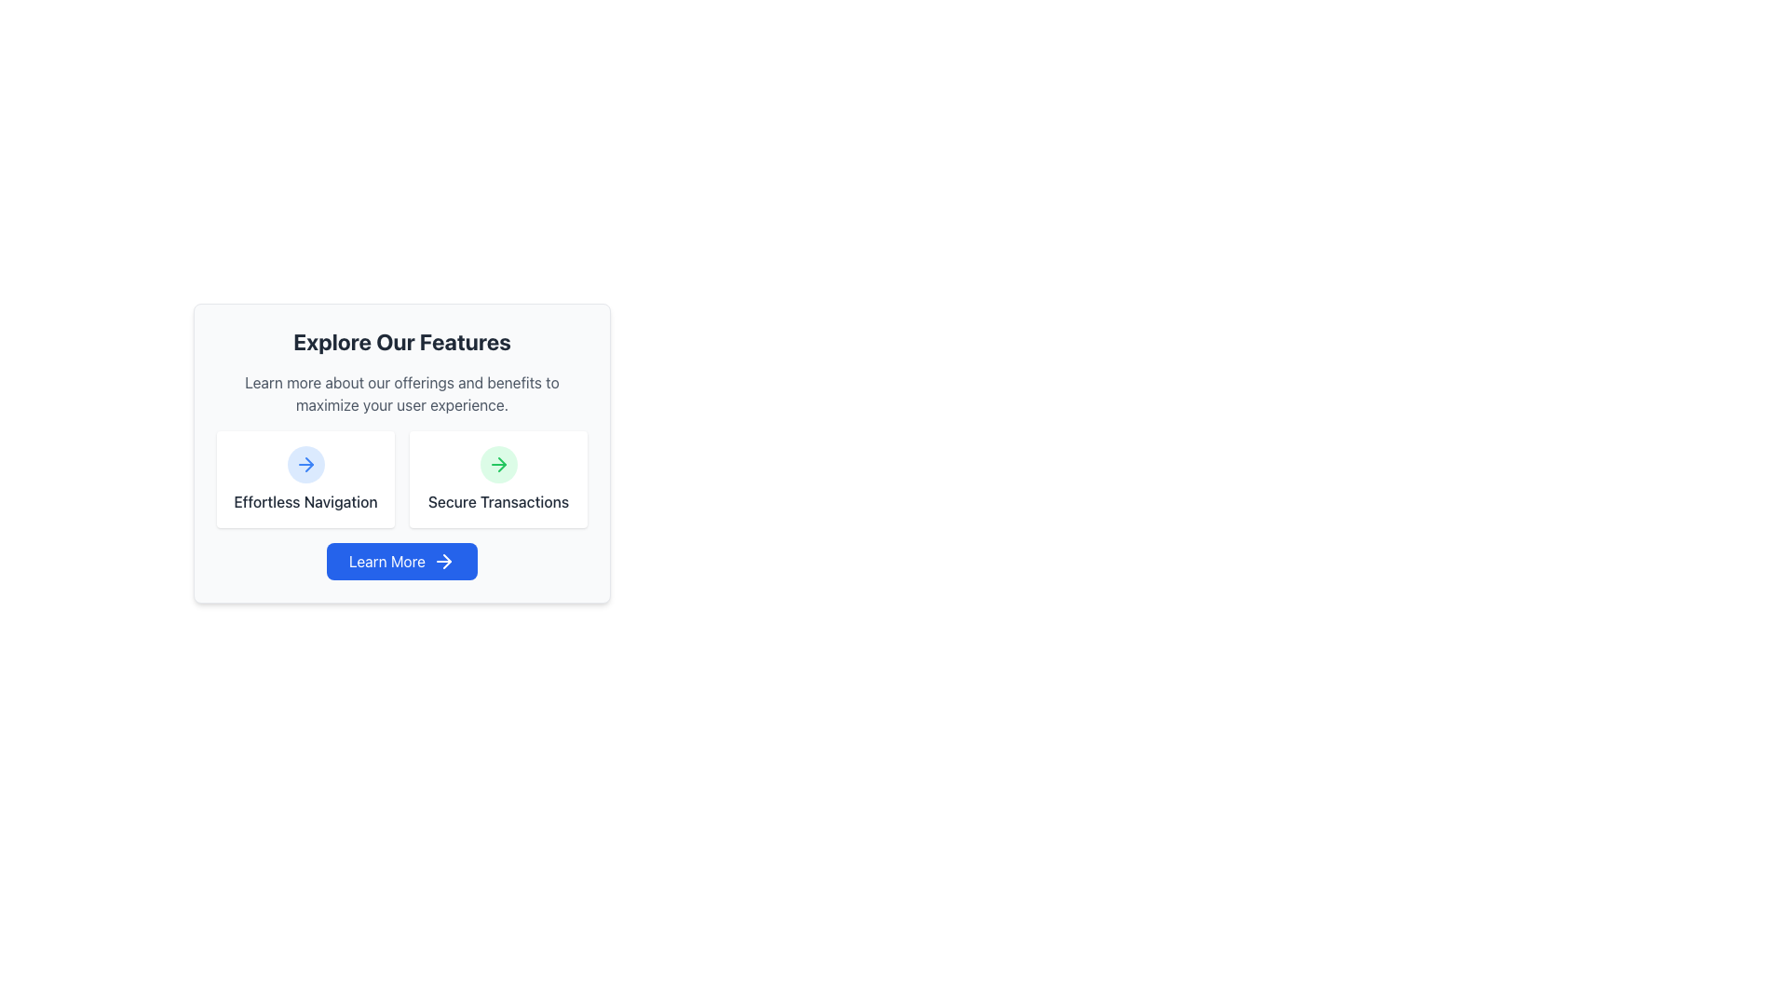 The image size is (1788, 1006). Describe the element at coordinates (305, 501) in the screenshot. I see `the text label displaying 'Effortless Navigation', which is located at the bottom of a card in the left column of a two-column layout` at that location.